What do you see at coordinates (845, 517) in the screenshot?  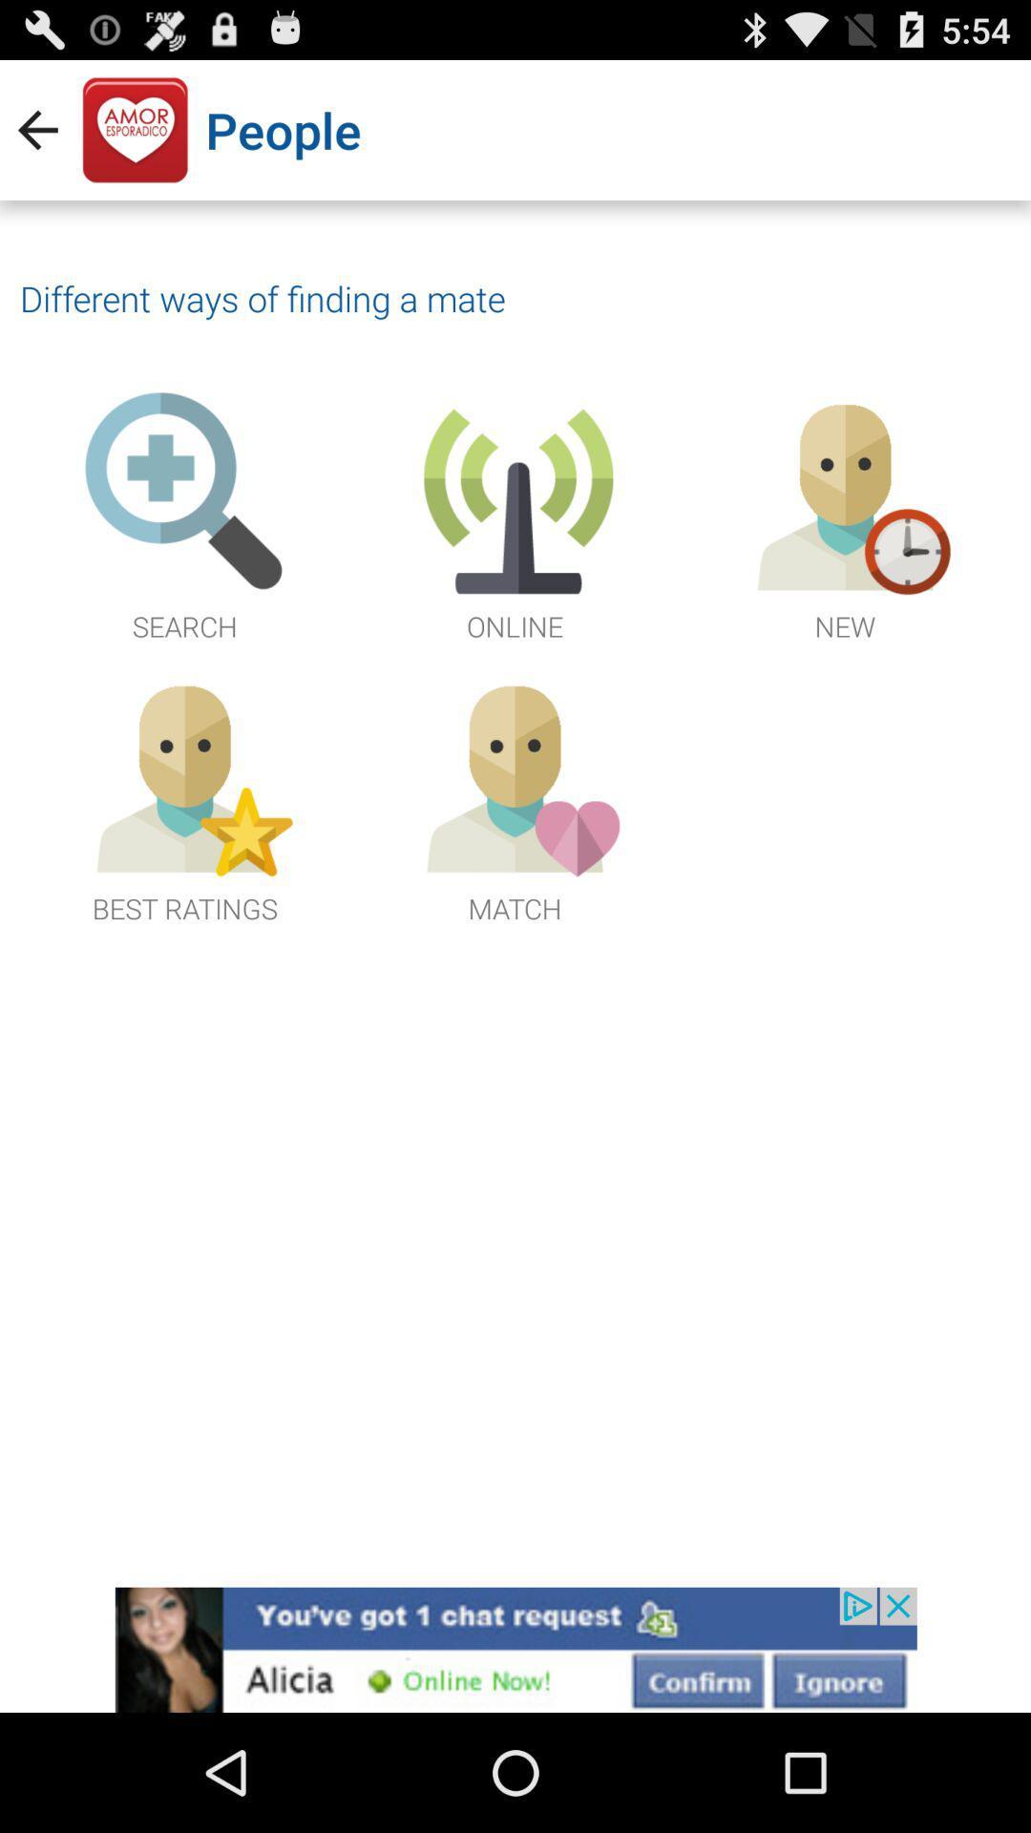 I see `the third image next to online` at bounding box center [845, 517].